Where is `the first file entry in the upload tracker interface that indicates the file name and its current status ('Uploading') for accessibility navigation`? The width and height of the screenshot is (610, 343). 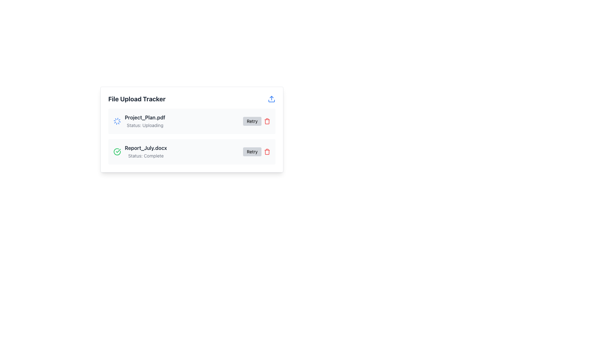 the first file entry in the upload tracker interface that indicates the file name and its current status ('Uploading') for accessibility navigation is located at coordinates (139, 121).